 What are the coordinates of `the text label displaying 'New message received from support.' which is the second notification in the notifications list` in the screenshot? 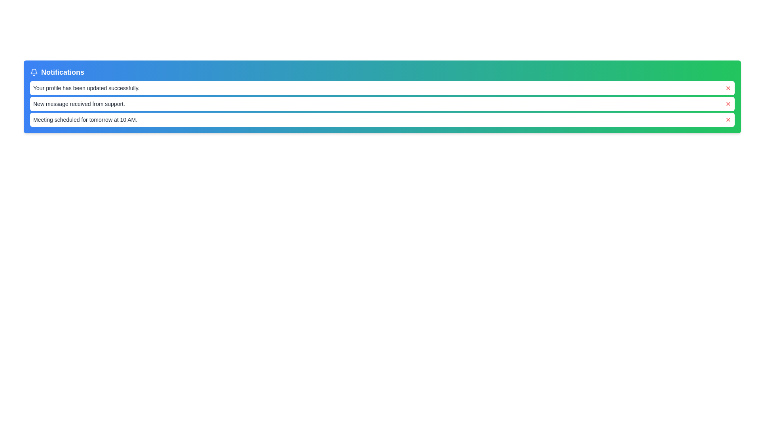 It's located at (79, 103).